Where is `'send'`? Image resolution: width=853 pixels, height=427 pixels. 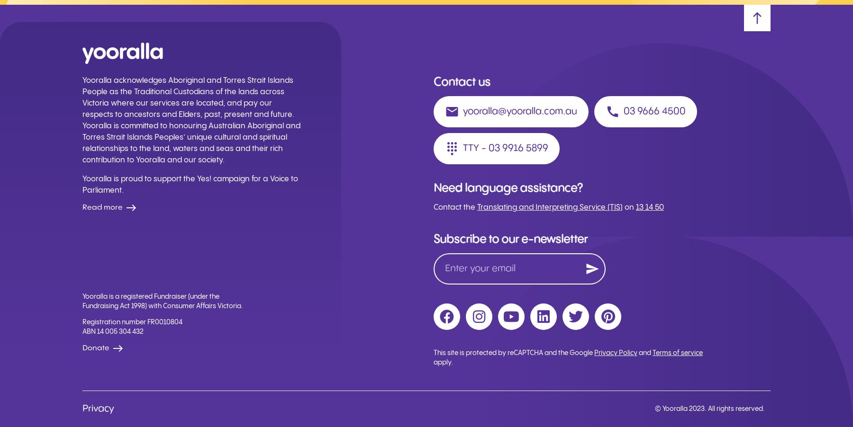 'send' is located at coordinates (592, 268).